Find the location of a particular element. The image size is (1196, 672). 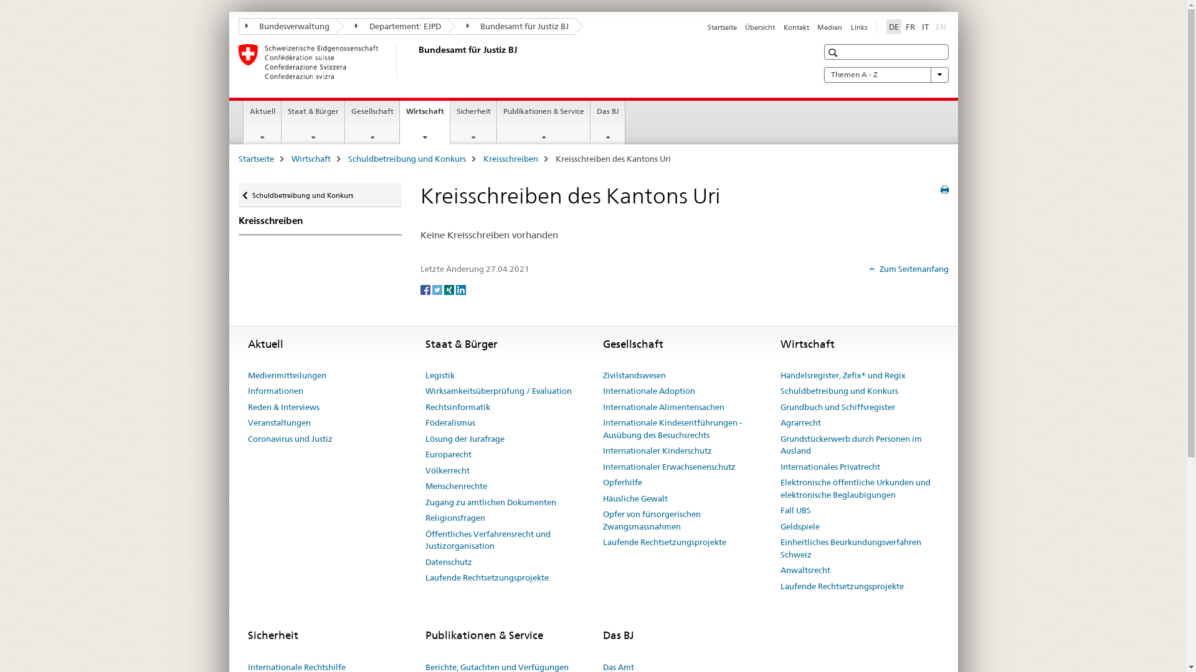

'Legistik' is located at coordinates (439, 375).